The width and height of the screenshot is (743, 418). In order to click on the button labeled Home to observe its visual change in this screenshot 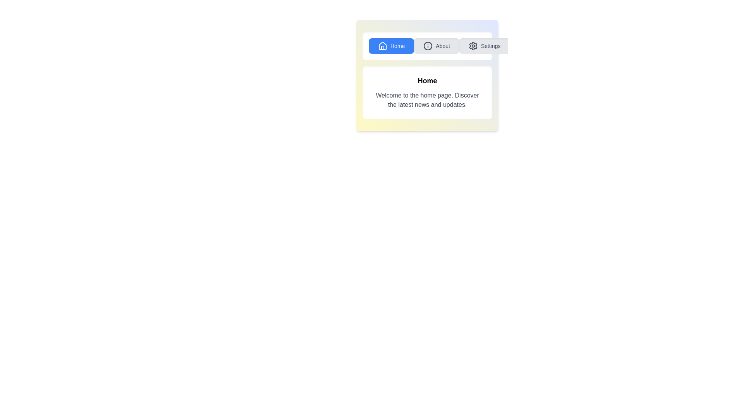, I will do `click(391, 46)`.